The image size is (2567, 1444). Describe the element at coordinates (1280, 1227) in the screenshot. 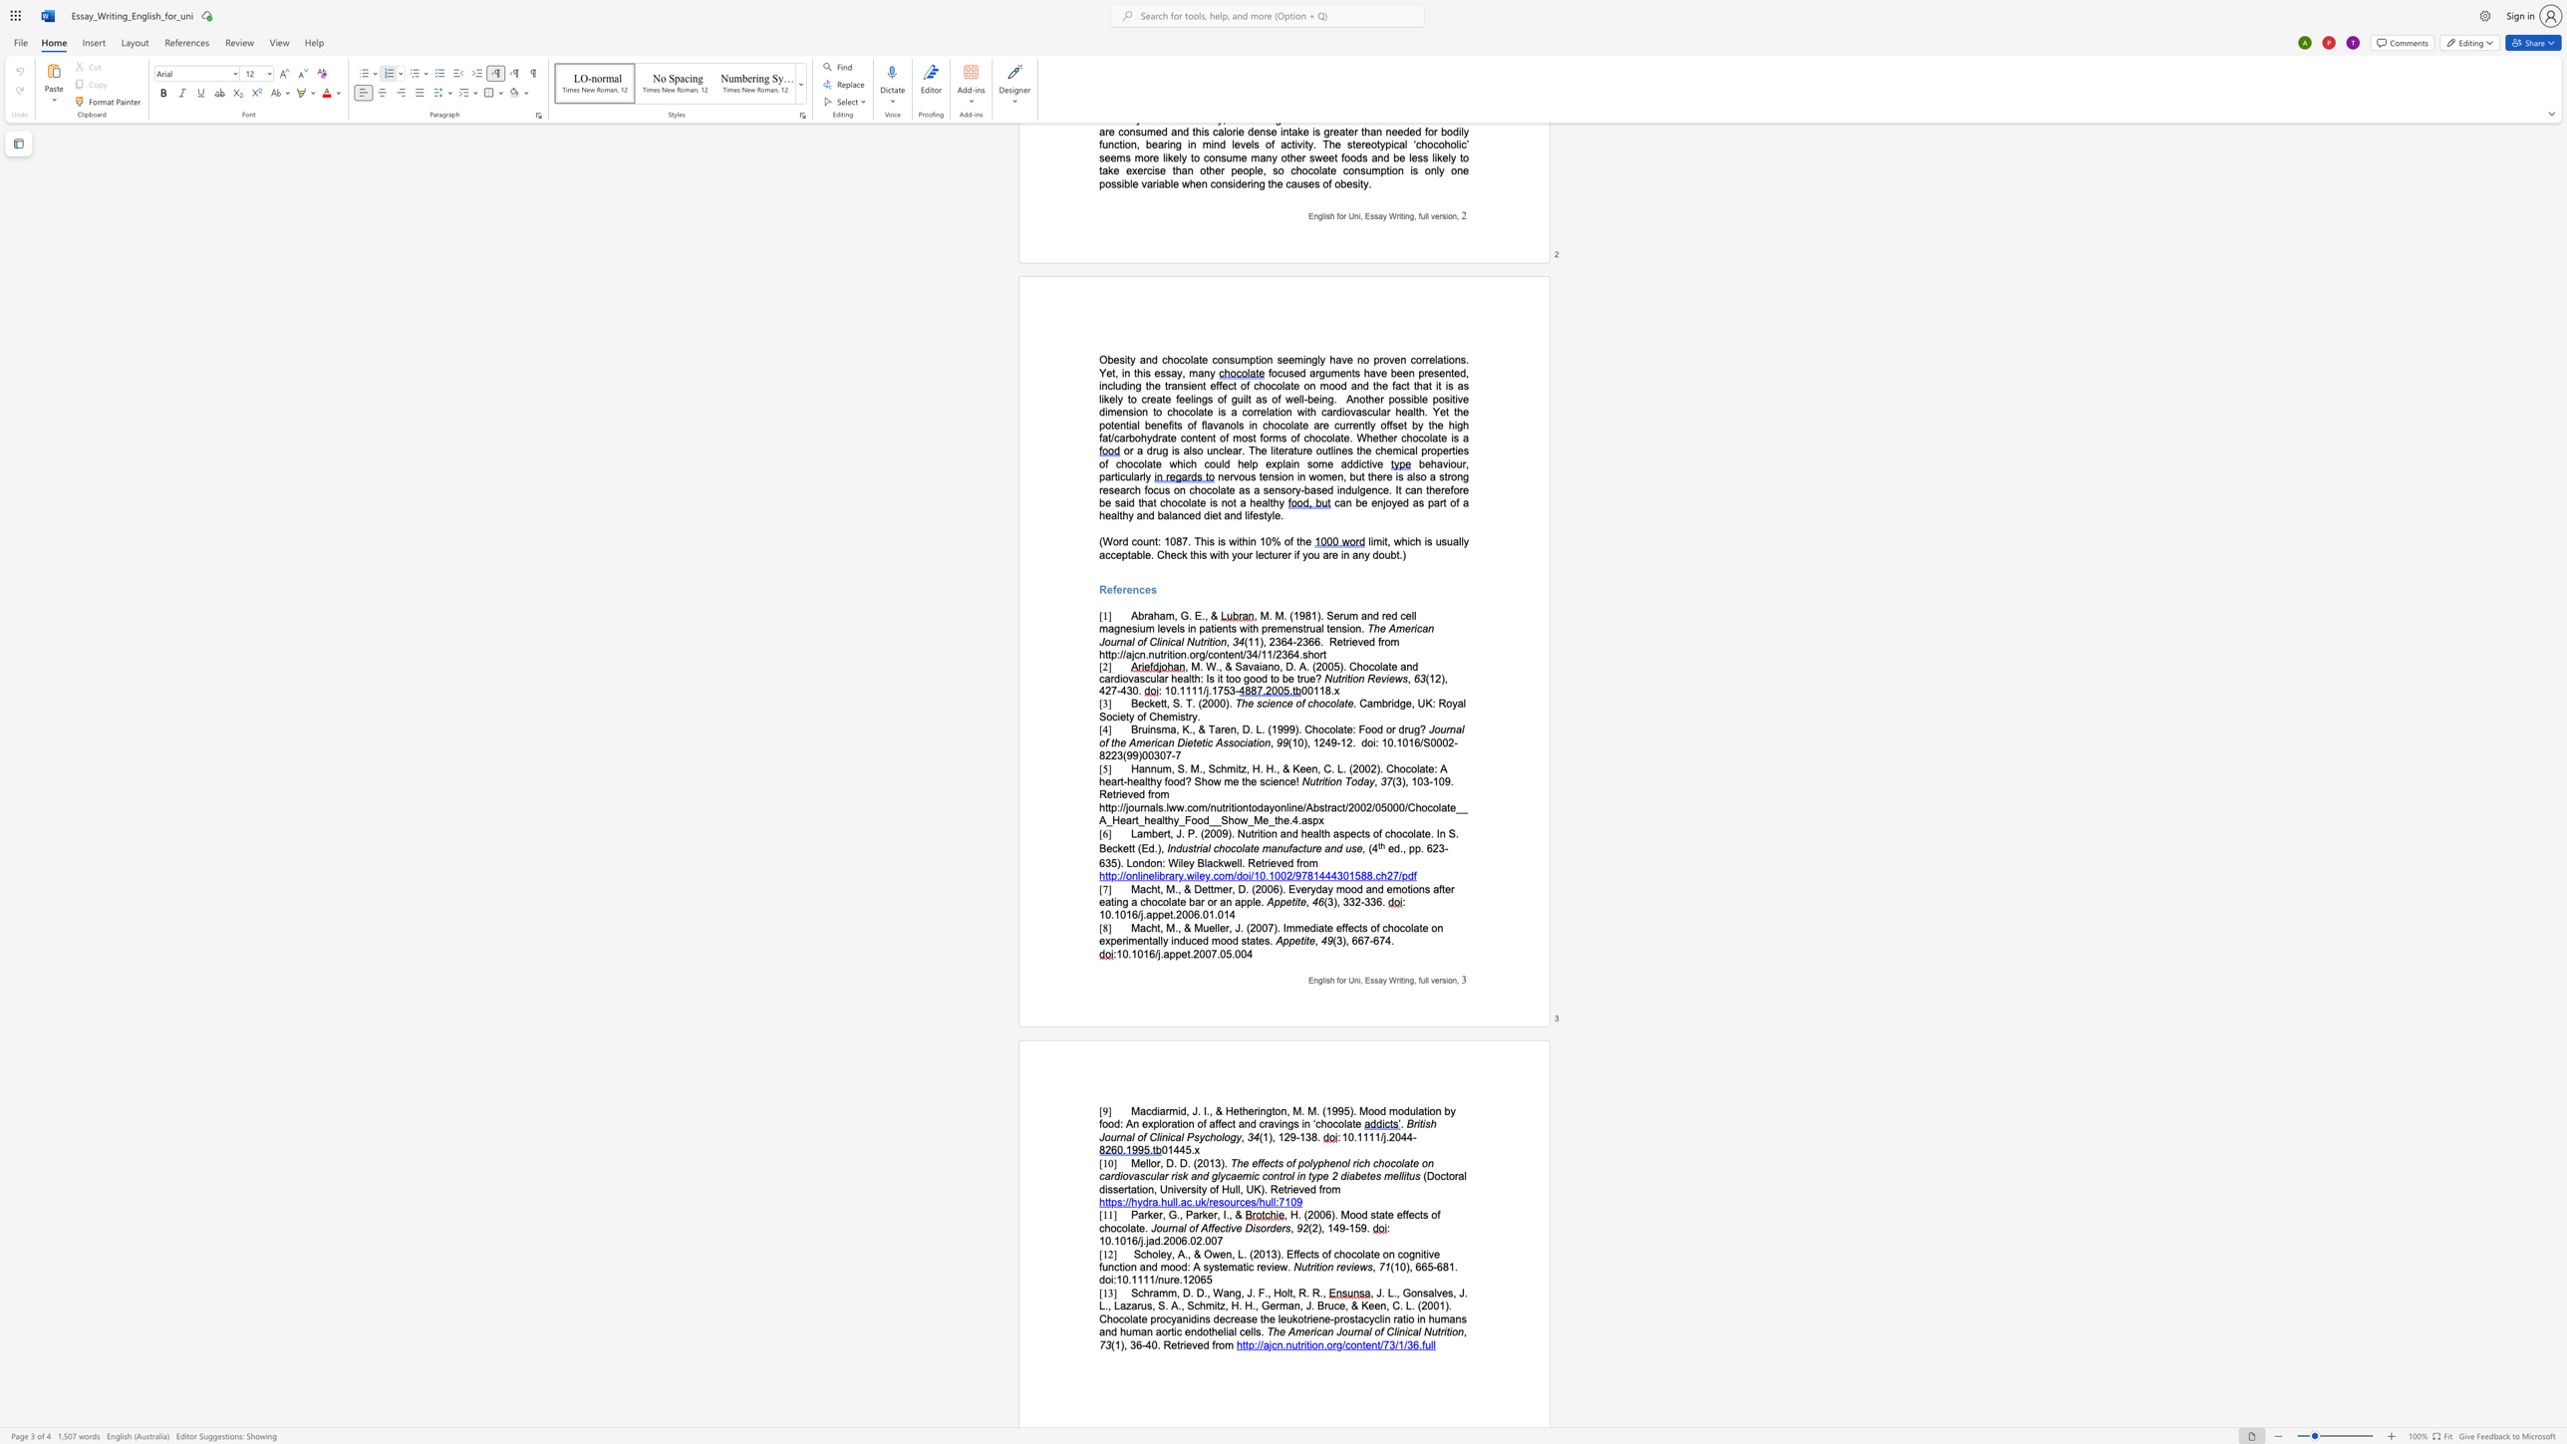

I see `the space between the continuous character "e" and "r" in the text` at that location.